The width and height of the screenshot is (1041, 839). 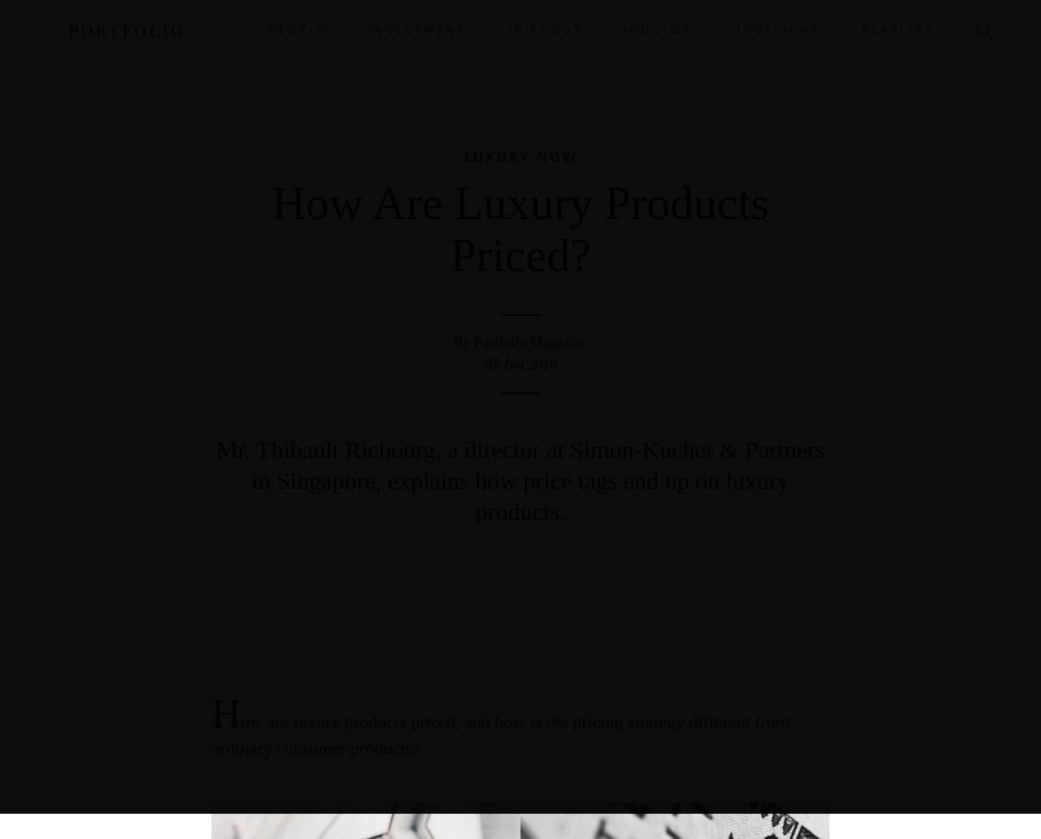 What do you see at coordinates (298, 29) in the screenshot?
I see `'PEOPLE'` at bounding box center [298, 29].